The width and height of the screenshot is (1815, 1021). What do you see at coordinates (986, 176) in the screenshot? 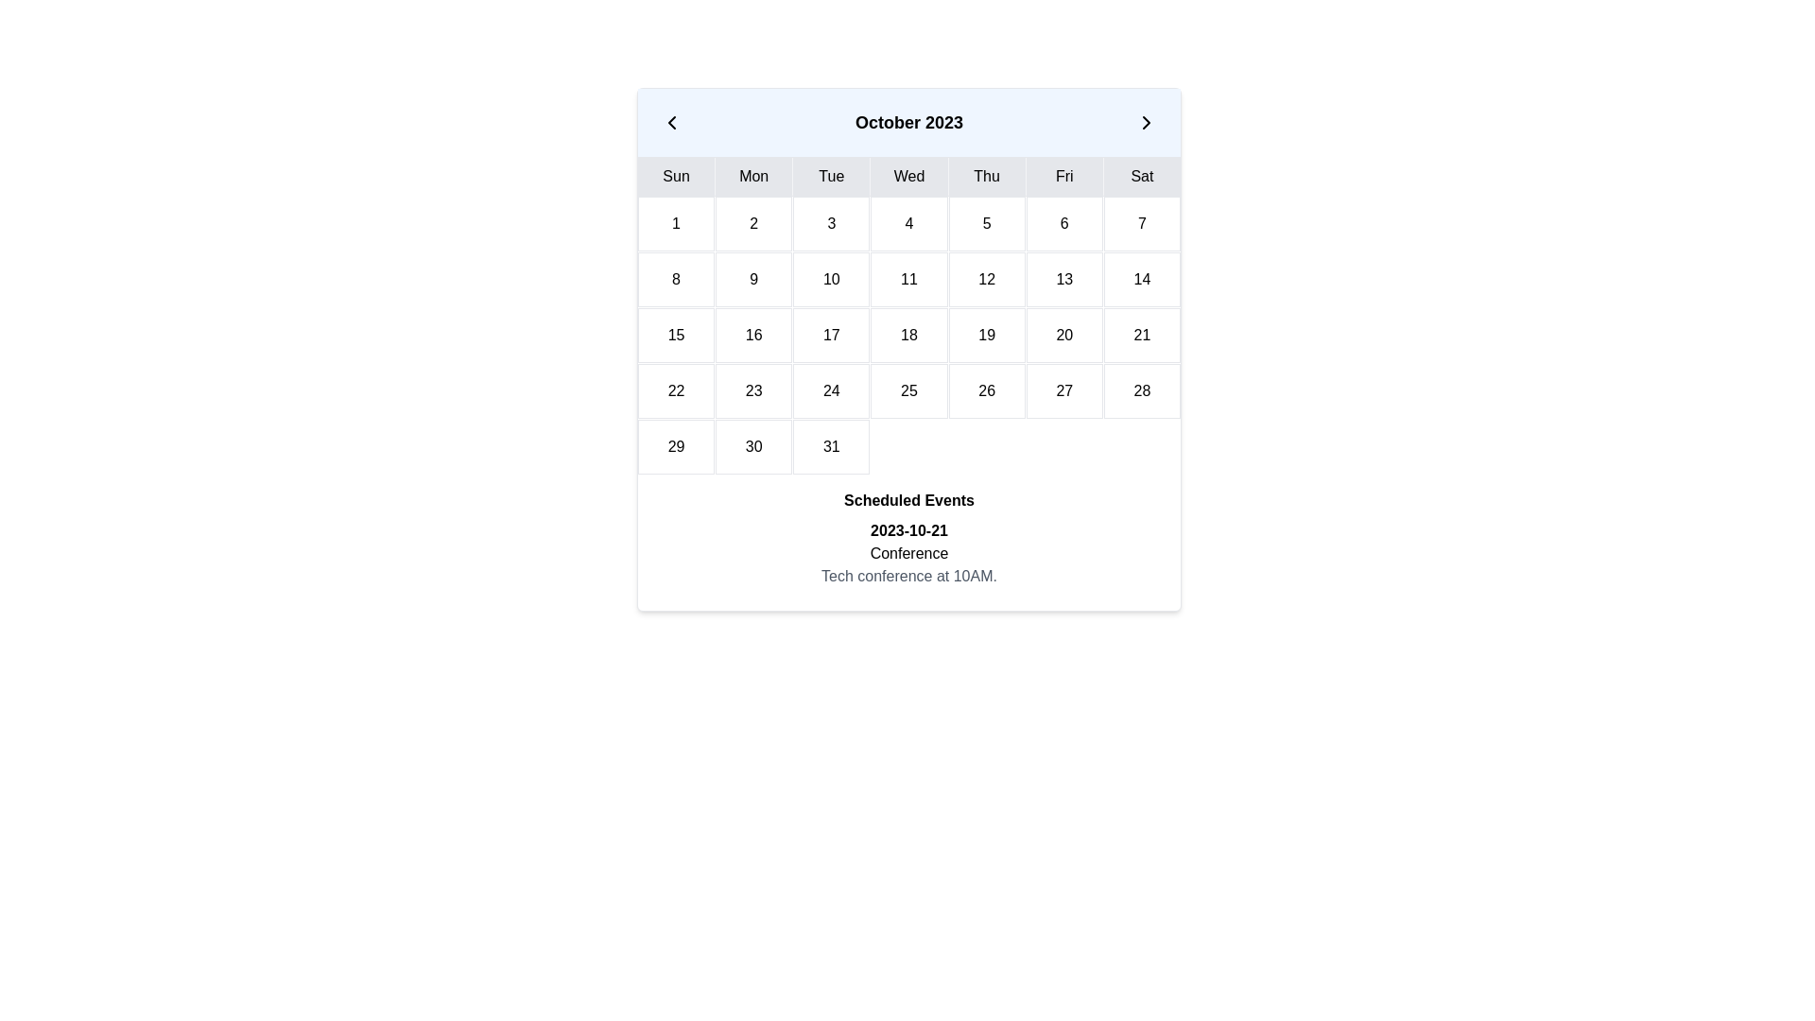
I see `the Static Label button labeled 'Thu', which is the fifth item in a grid layout of days of the week with a light gray background` at bounding box center [986, 176].